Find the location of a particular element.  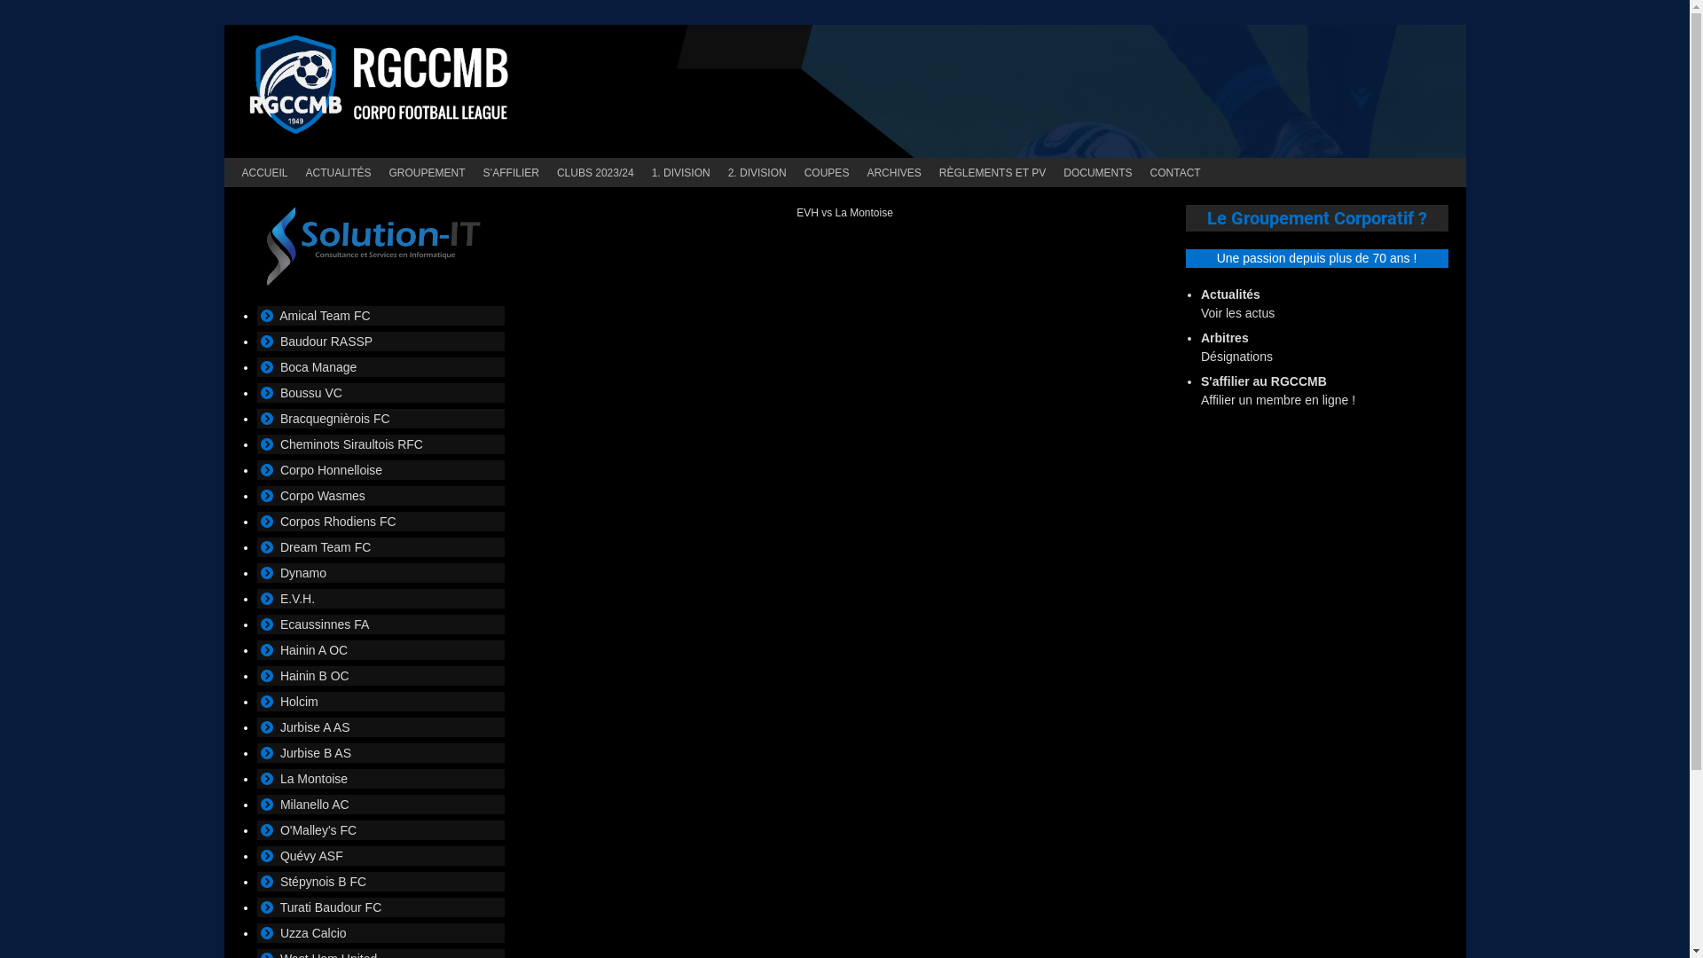

'Hainin B OC' is located at coordinates (315, 676).